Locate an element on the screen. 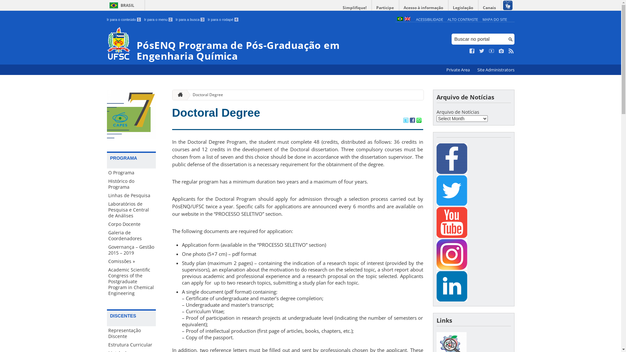  'O Programa' is located at coordinates (131, 172).